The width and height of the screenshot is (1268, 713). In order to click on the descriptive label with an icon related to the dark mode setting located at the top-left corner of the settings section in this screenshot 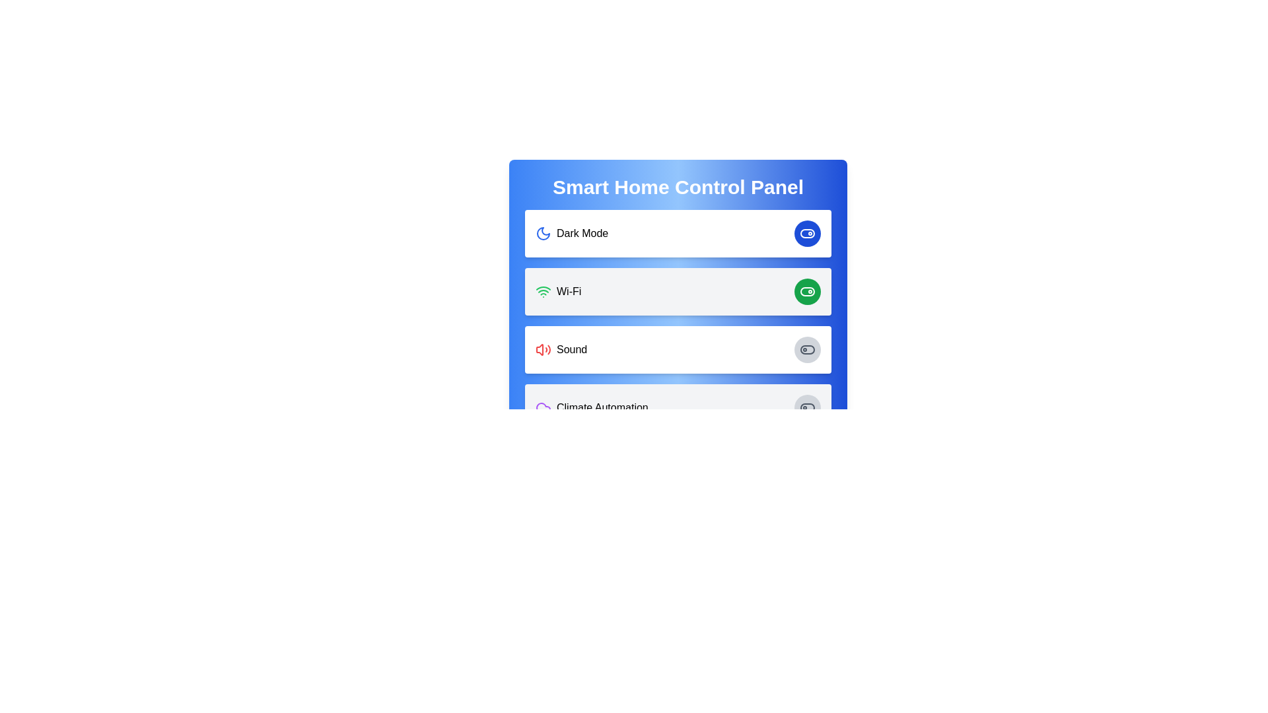, I will do `click(572, 233)`.